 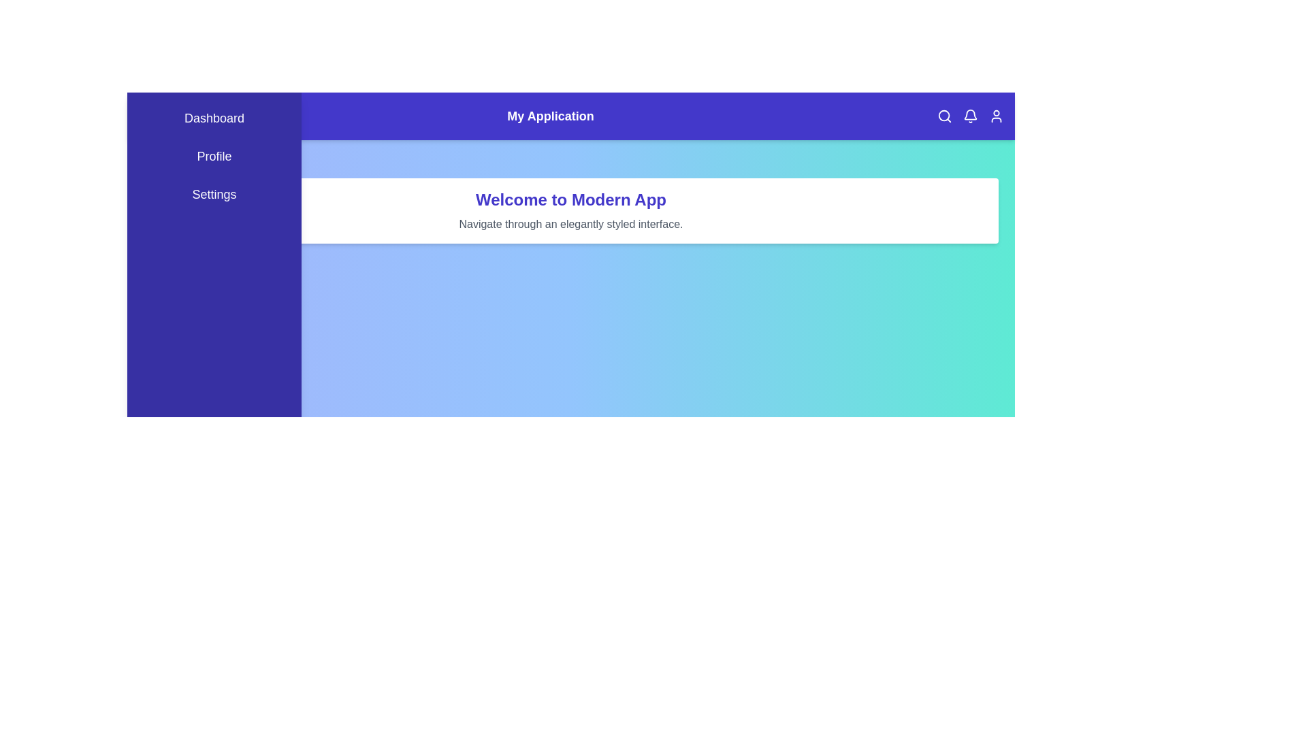 What do you see at coordinates (214, 156) in the screenshot?
I see `the menu item to navigate to Profile` at bounding box center [214, 156].